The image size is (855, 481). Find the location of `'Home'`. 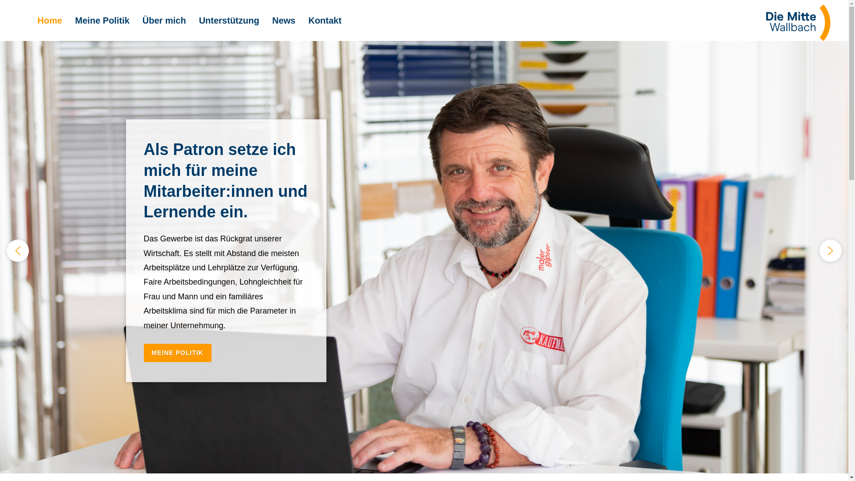

'Home' is located at coordinates (49, 20).